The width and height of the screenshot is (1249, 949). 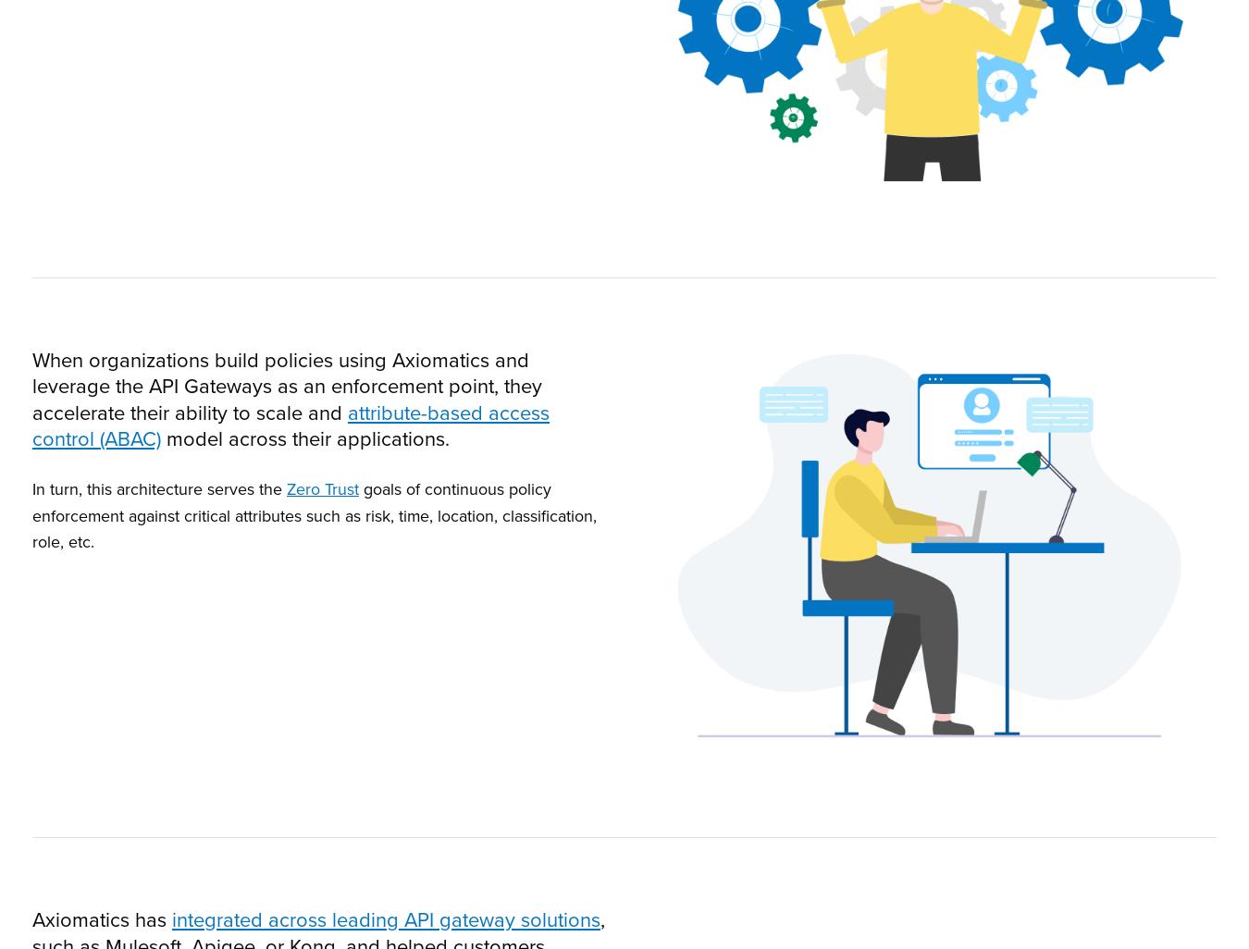 I want to click on 'We won't track your information when you visit our site. But in order to comply with your preferences, we'll have to use just one tiny cookie so that you're not asked to make this choice again.', so click(x=619, y=806).